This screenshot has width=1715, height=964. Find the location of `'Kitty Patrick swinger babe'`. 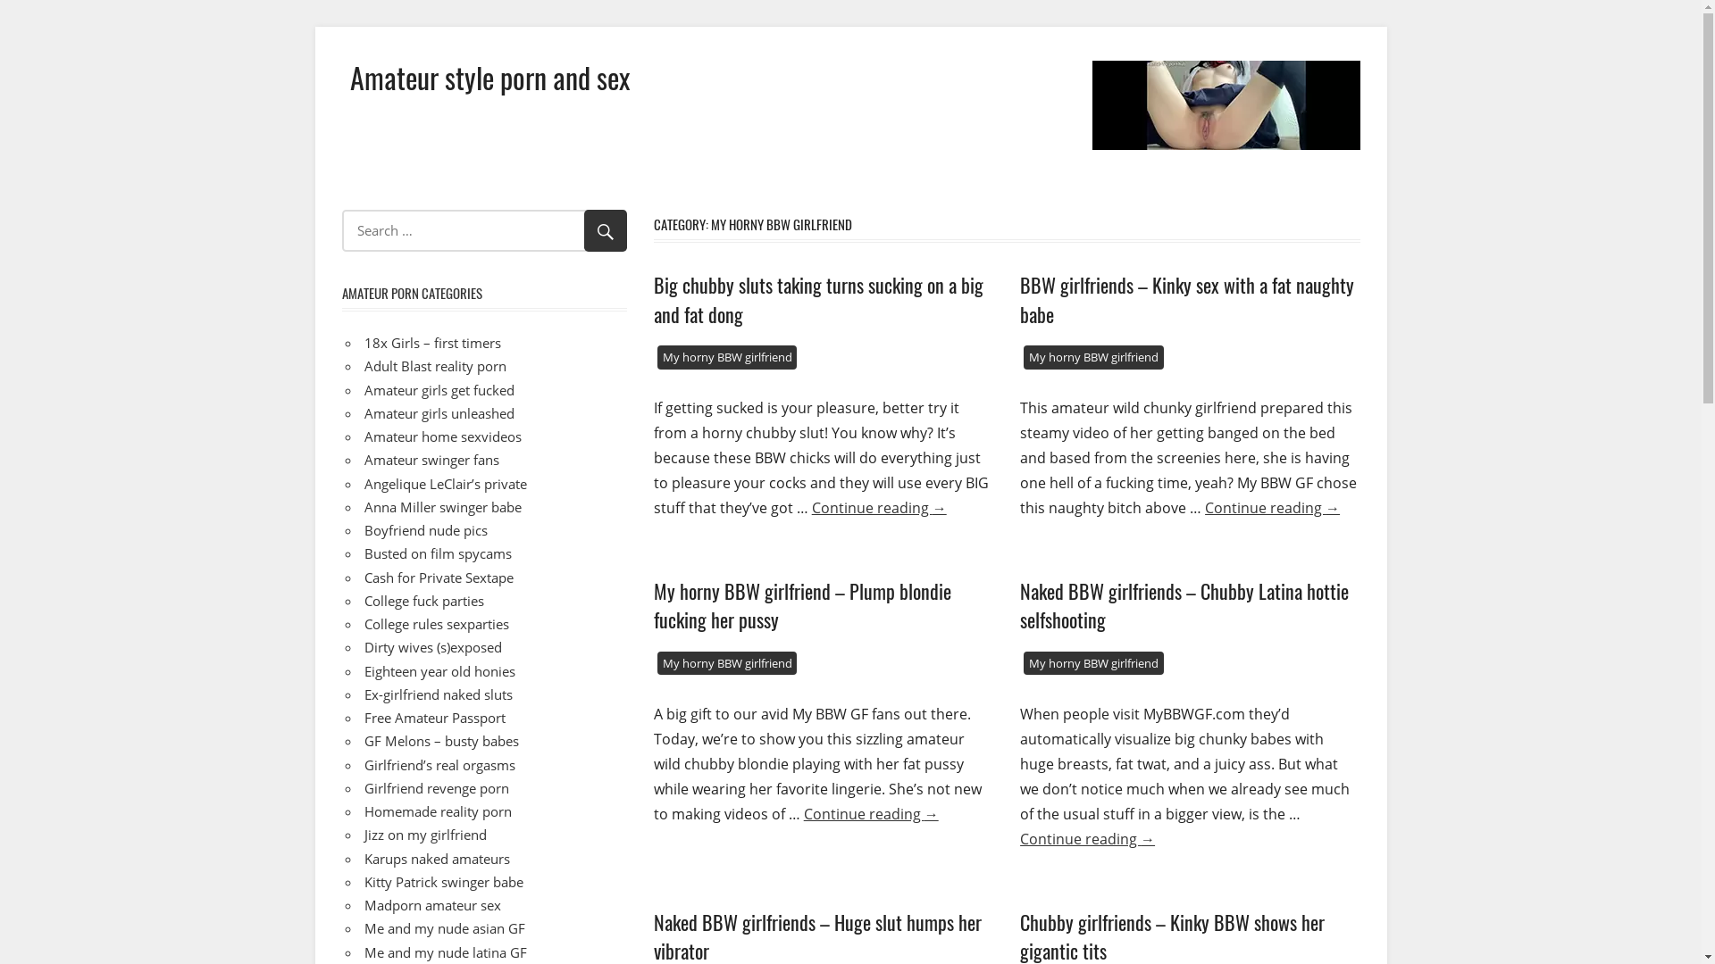

'Kitty Patrick swinger babe' is located at coordinates (444, 880).